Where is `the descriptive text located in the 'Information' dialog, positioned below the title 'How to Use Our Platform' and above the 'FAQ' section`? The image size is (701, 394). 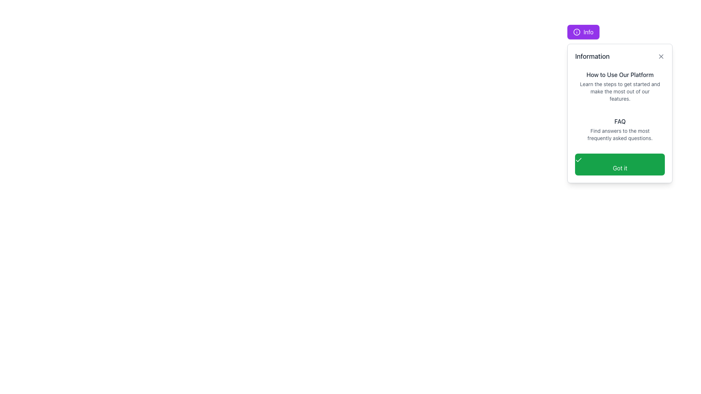
the descriptive text located in the 'Information' dialog, positioned below the title 'How to Use Our Platform' and above the 'FAQ' section is located at coordinates (620, 91).